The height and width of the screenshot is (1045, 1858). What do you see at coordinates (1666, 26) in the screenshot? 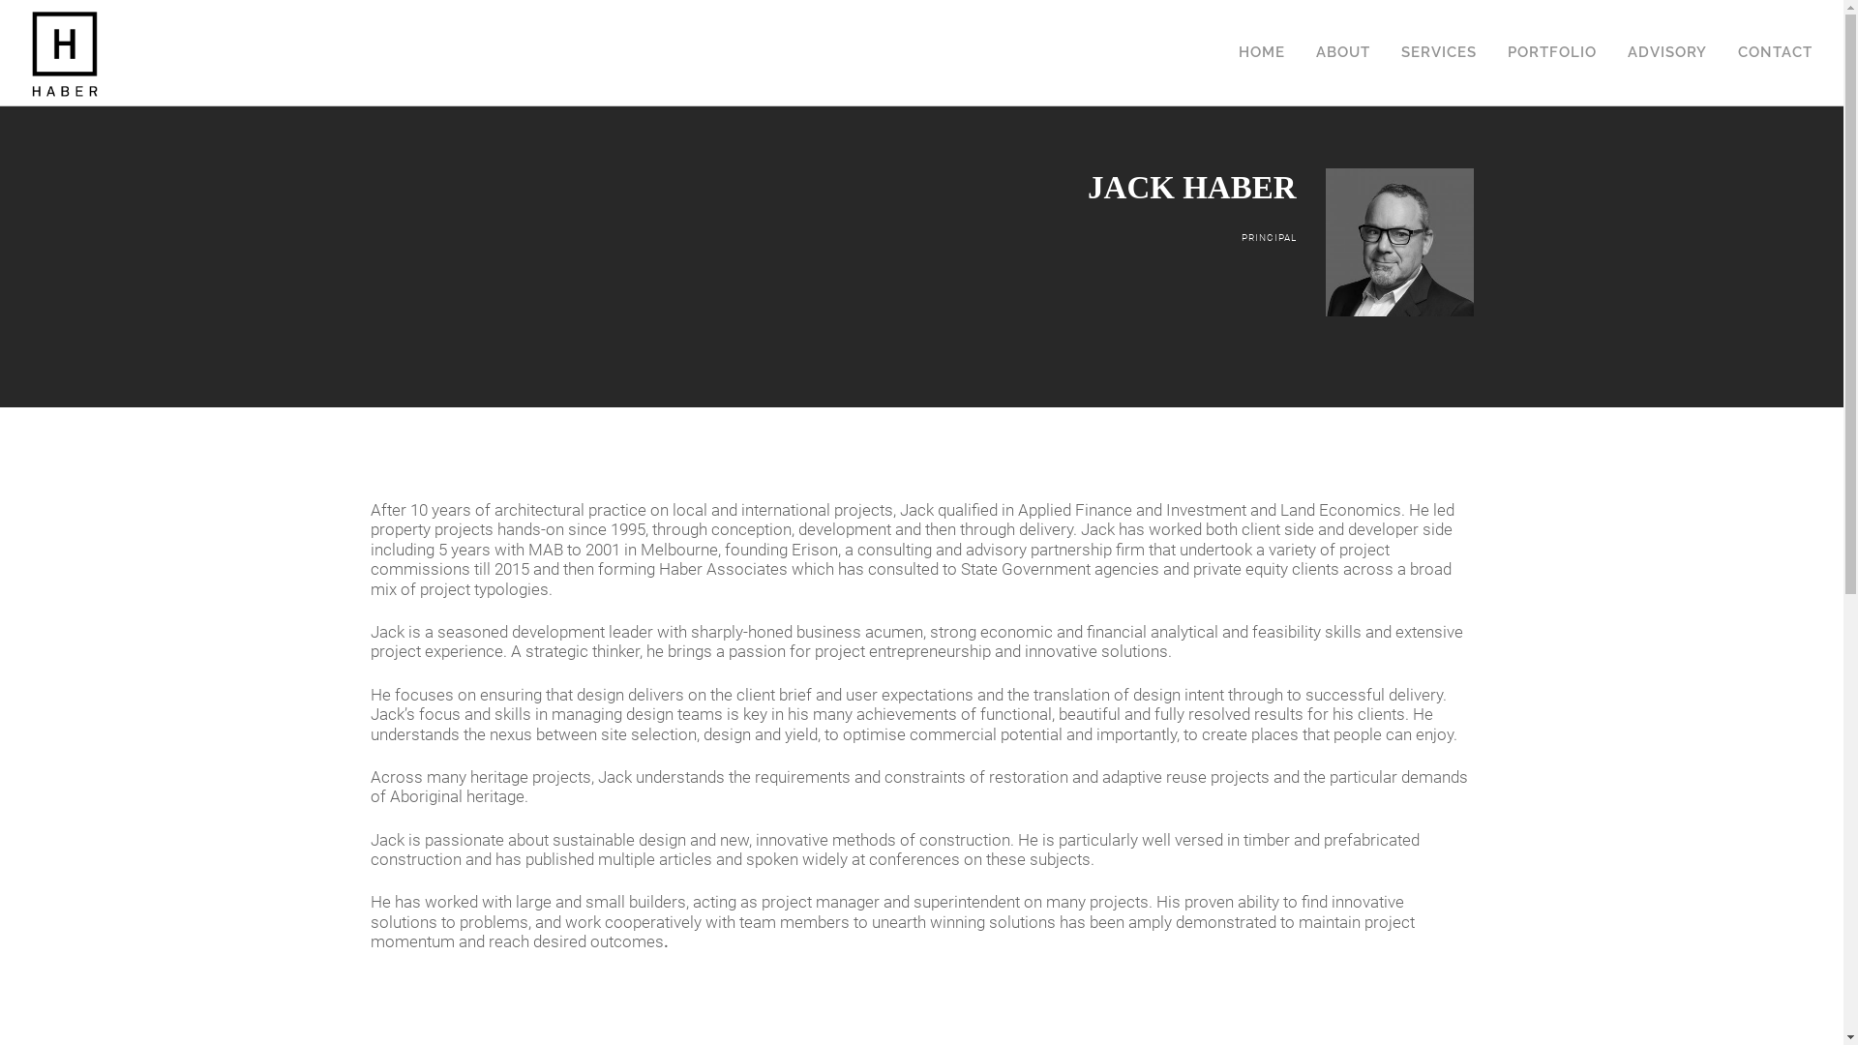
I see `'ADVISORY'` at bounding box center [1666, 26].